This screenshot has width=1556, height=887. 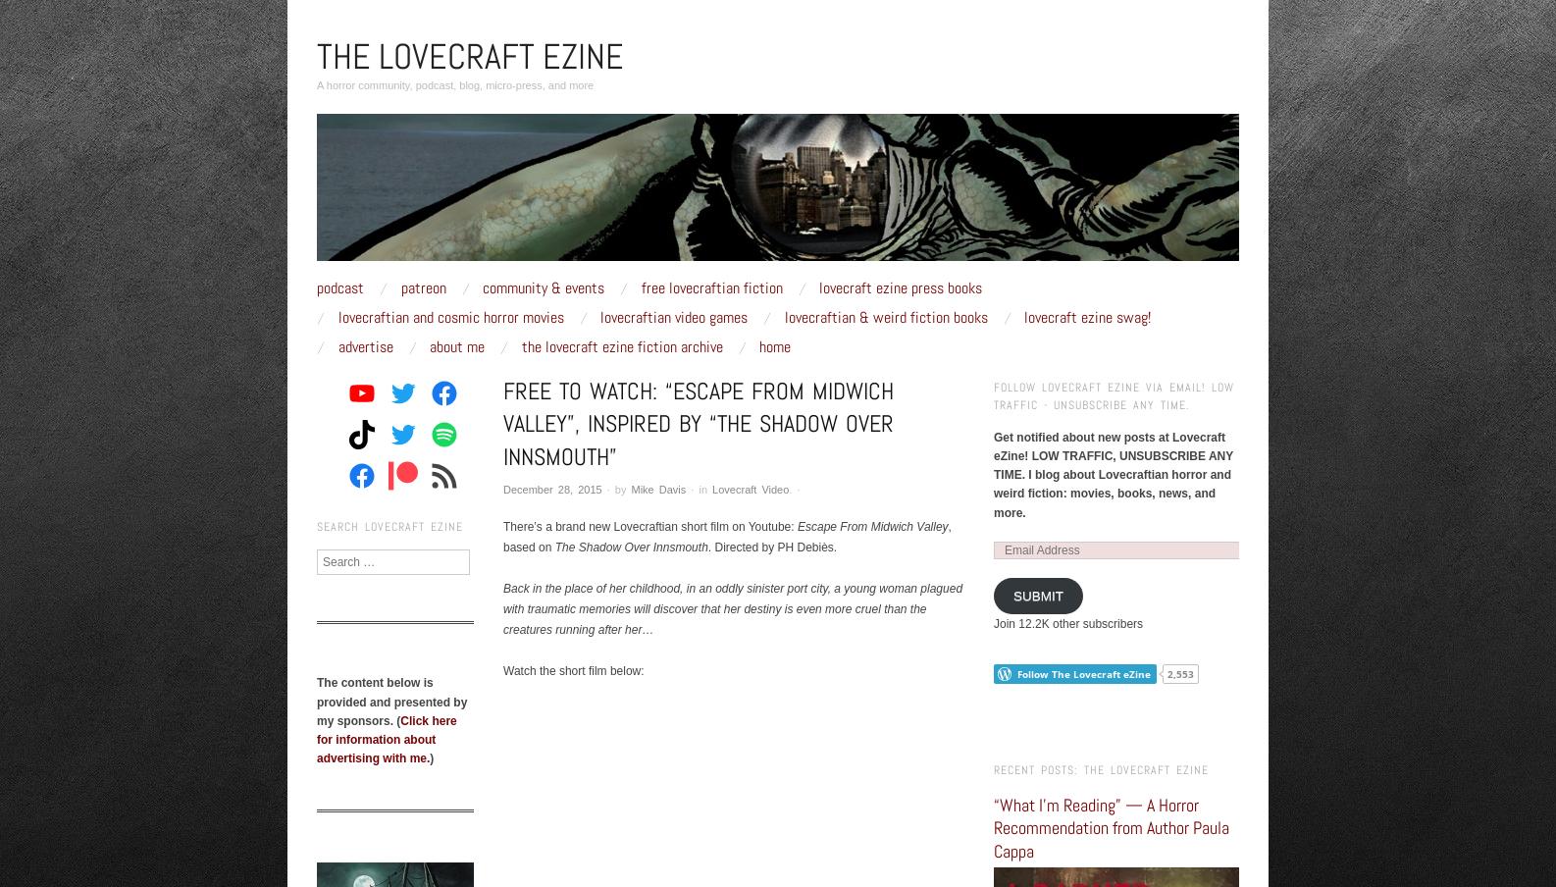 I want to click on 'A horror community, podcast, blog, micro-press, and more', so click(x=454, y=84).